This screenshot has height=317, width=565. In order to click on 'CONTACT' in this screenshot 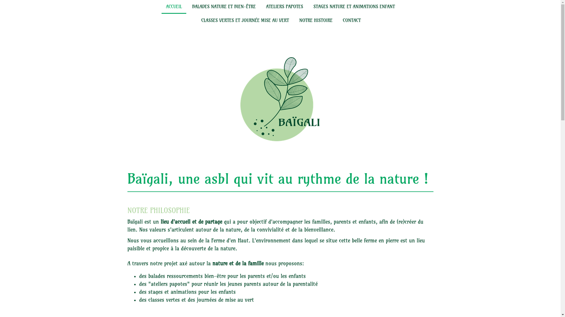, I will do `click(338, 20)`.